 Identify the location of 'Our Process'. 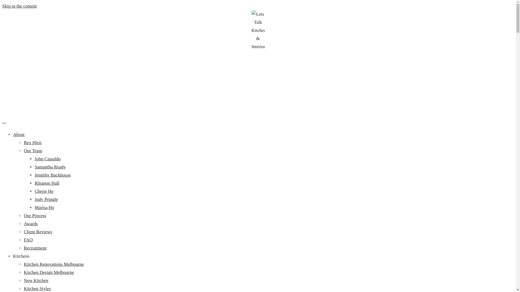
(23, 215).